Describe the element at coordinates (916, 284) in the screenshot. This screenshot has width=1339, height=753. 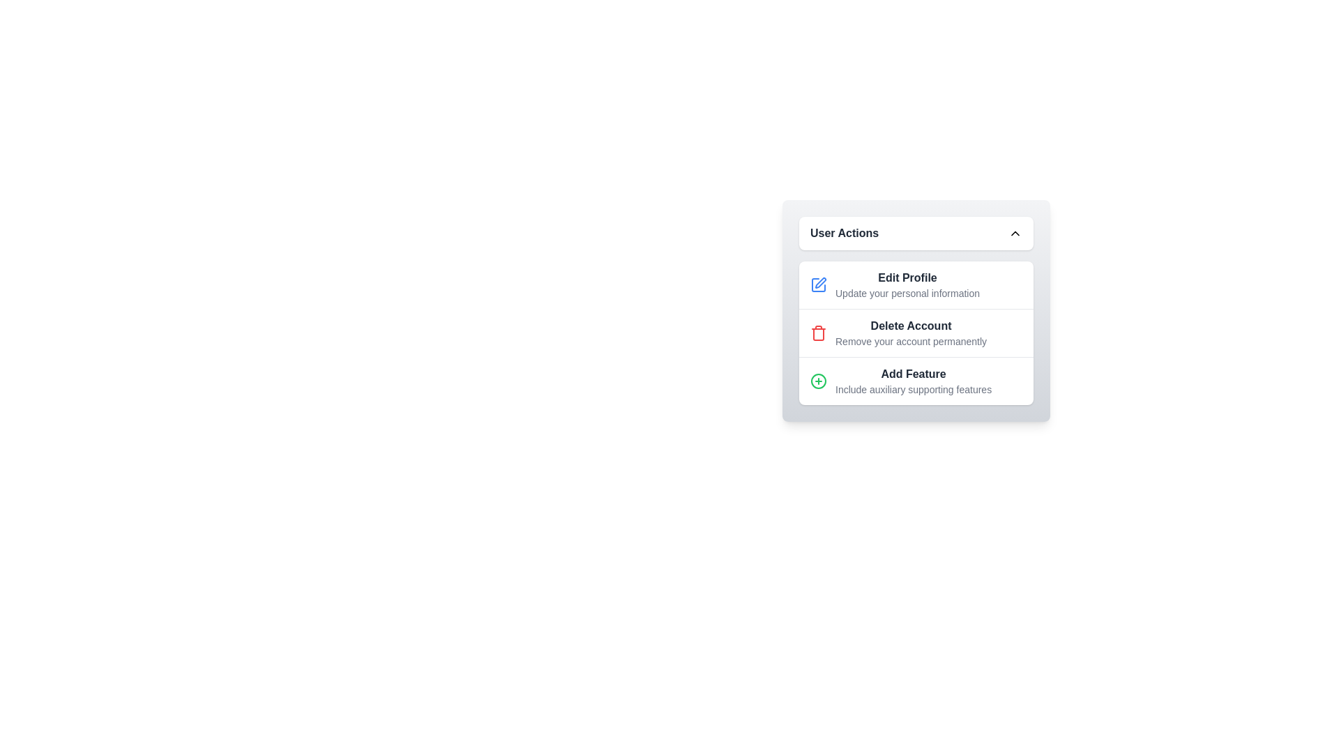
I see `the 'Edit Profile' button, which features a blue pen icon and bold text` at that location.